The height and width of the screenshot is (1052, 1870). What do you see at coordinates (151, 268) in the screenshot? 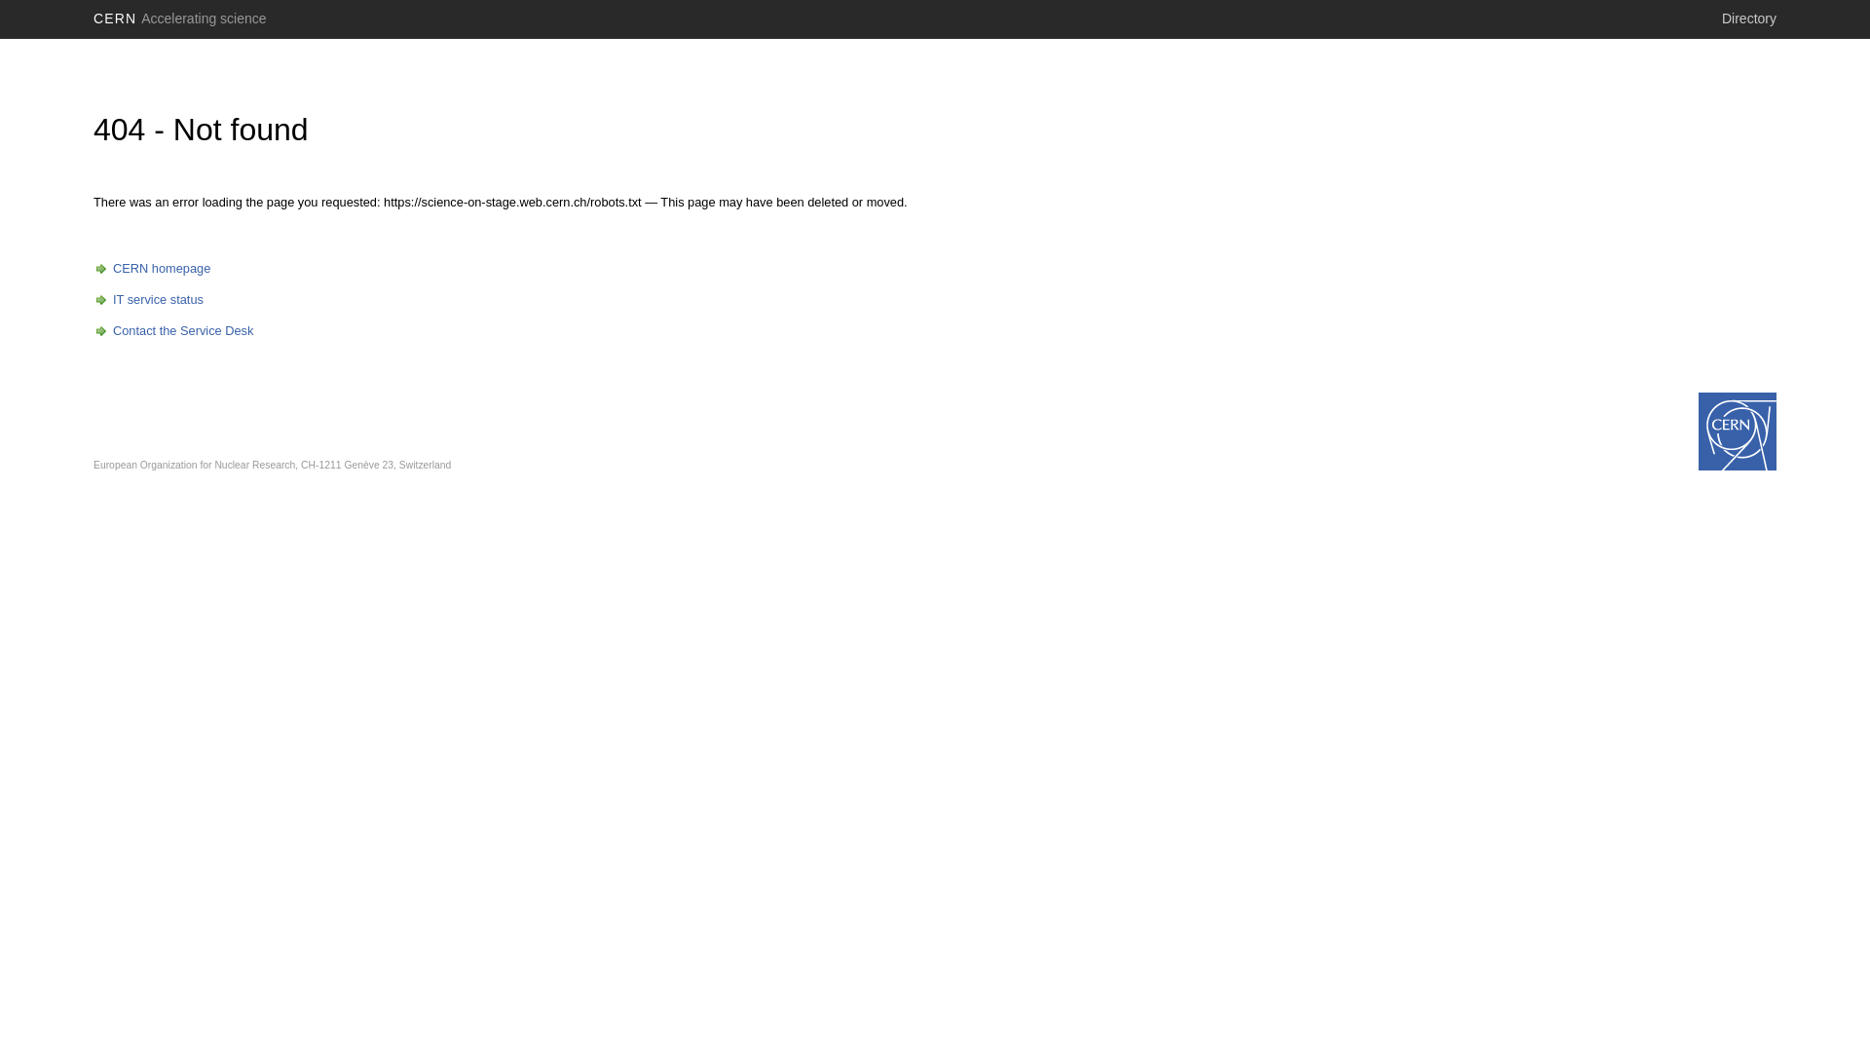
I see `'CERN homepage'` at bounding box center [151, 268].